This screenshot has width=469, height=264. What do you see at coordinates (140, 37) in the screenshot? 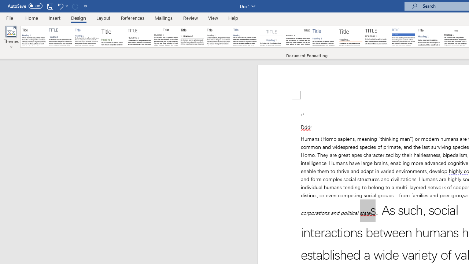
I see `'Black & White (Capitalized)'` at bounding box center [140, 37].